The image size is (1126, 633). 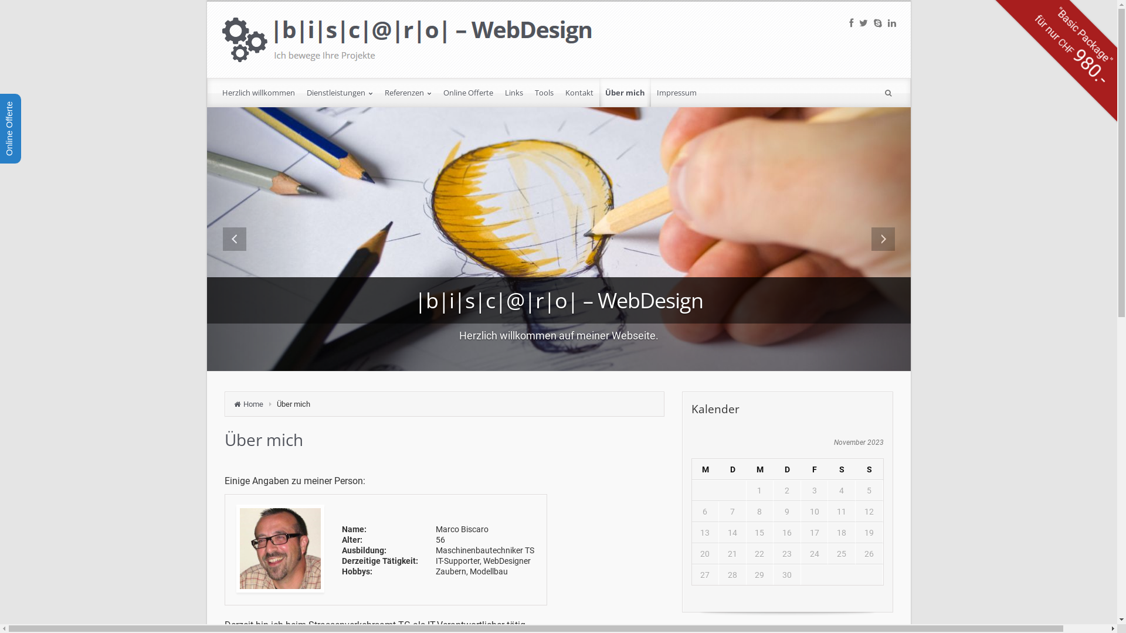 What do you see at coordinates (579, 92) in the screenshot?
I see `'Kontakt'` at bounding box center [579, 92].